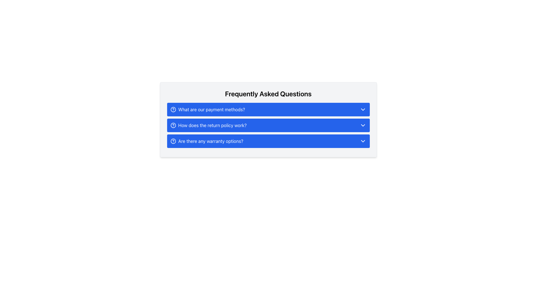 The image size is (542, 305). I want to click on the help icon located to the left of the text 'How does the return policy work?', so click(173, 125).